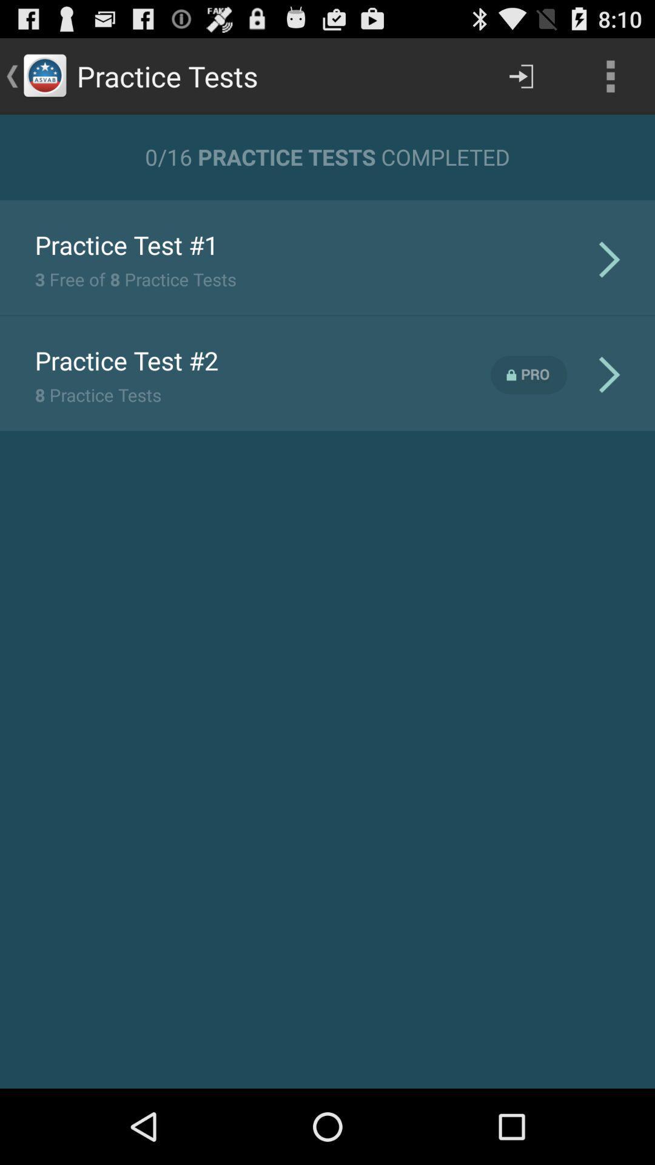 This screenshot has height=1165, width=655. What do you see at coordinates (327, 156) in the screenshot?
I see `0 16 practice icon` at bounding box center [327, 156].